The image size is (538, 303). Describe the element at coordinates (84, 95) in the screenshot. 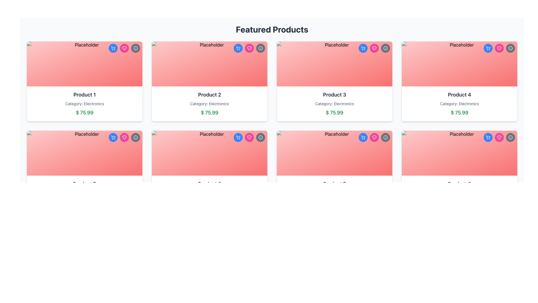

I see `text content of the product title label located above the 'Category: Electronics' label in the product card layout` at that location.